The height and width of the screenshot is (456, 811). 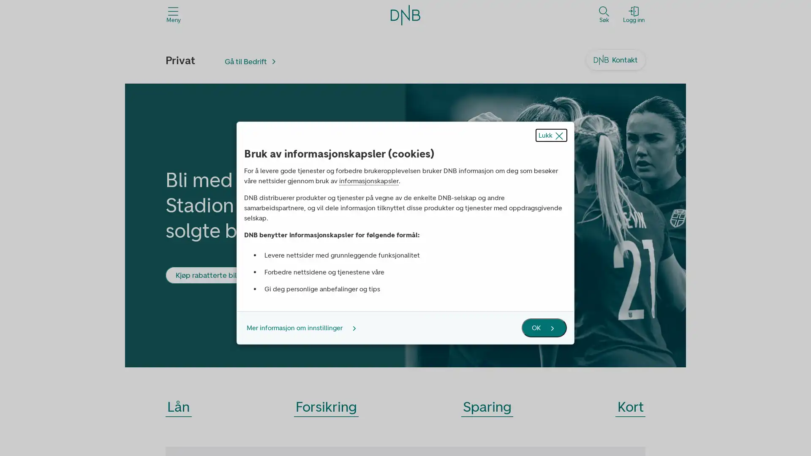 I want to click on Kontakt, so click(x=616, y=60).